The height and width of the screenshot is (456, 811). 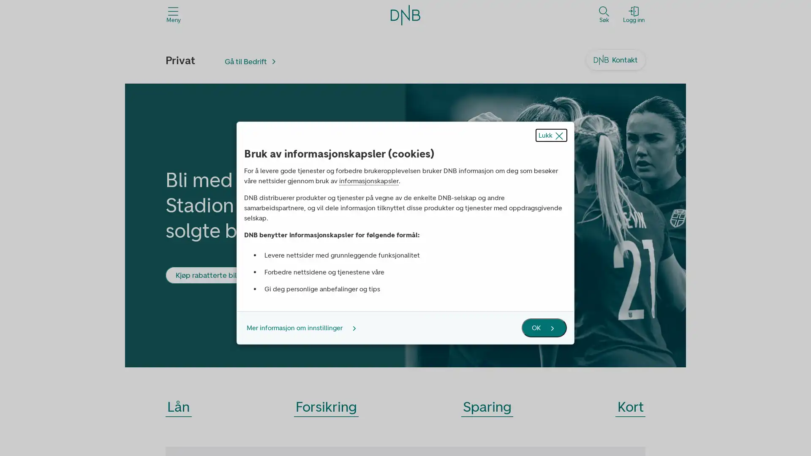 I want to click on Kontakt, so click(x=616, y=60).